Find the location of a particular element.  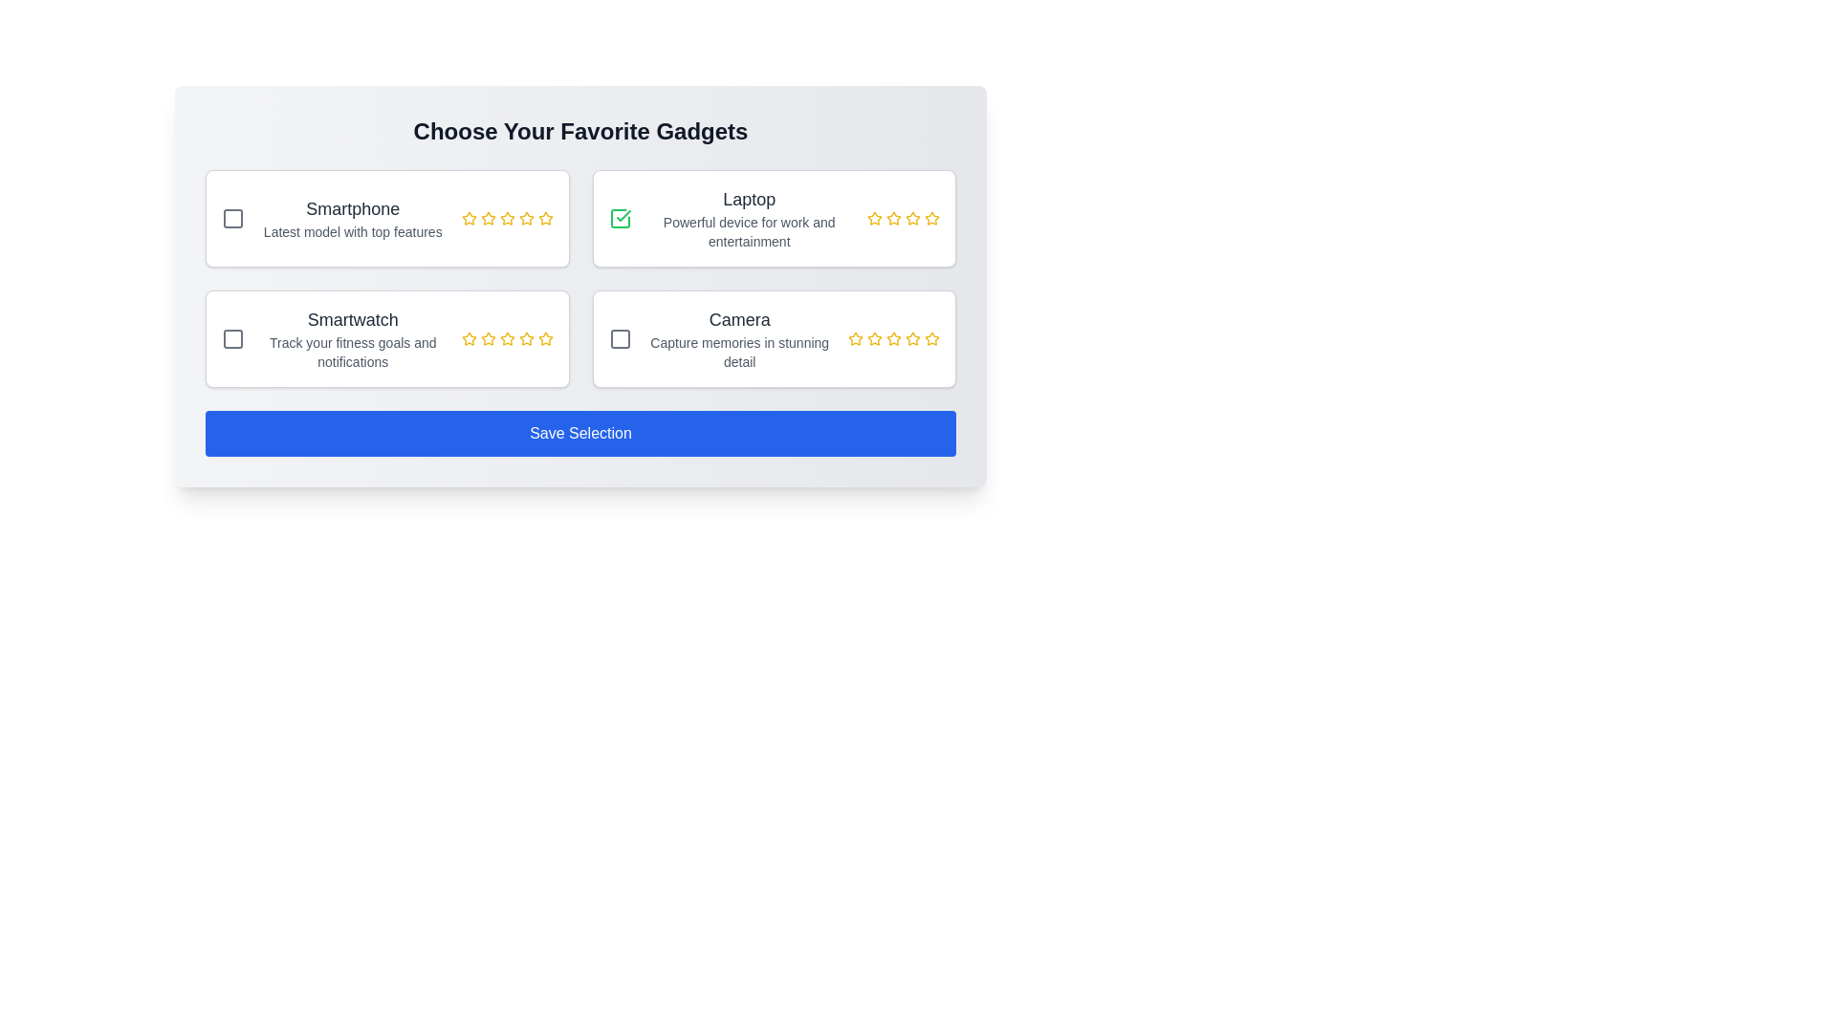

the second star icon for rating in the 5-star rating component of the 'Laptop' section is located at coordinates (874, 217).